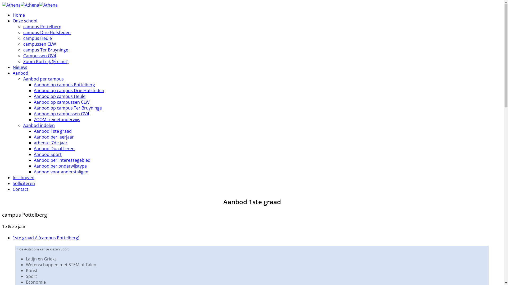 The image size is (508, 285). What do you see at coordinates (54, 149) in the screenshot?
I see `'Aanbod Duaal Leren'` at bounding box center [54, 149].